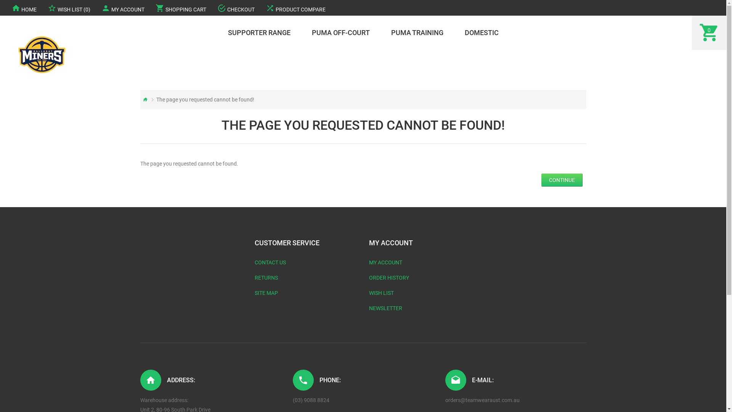  I want to click on 'NEWSLETTER', so click(369, 307).